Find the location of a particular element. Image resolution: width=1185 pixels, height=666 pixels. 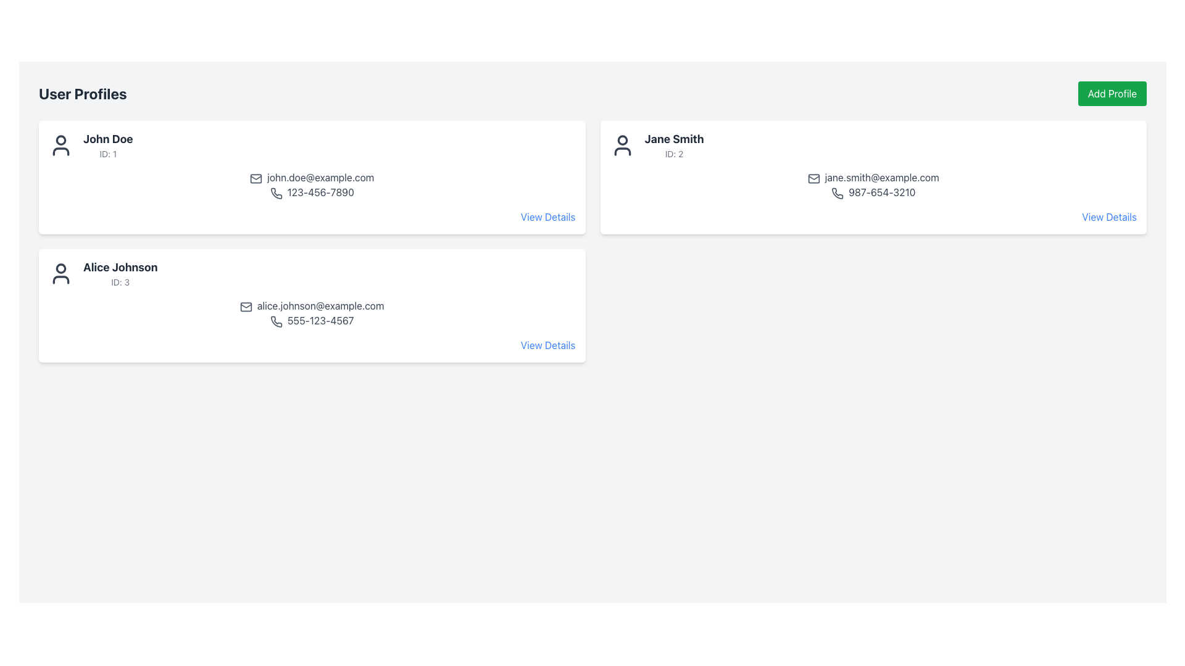

the contact icon for 'Jane Smith' which visually represents the phone number '987-654-3210' located in the user card is located at coordinates (838, 193).